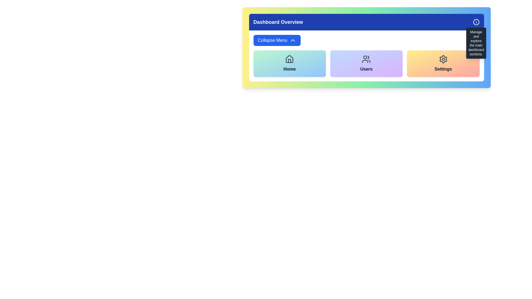 The width and height of the screenshot is (532, 299). What do you see at coordinates (289, 69) in the screenshot?
I see `the 'Home' text label, which is positioned in the lower portion of a card on the dashboard, styled in bold with a dark color` at bounding box center [289, 69].